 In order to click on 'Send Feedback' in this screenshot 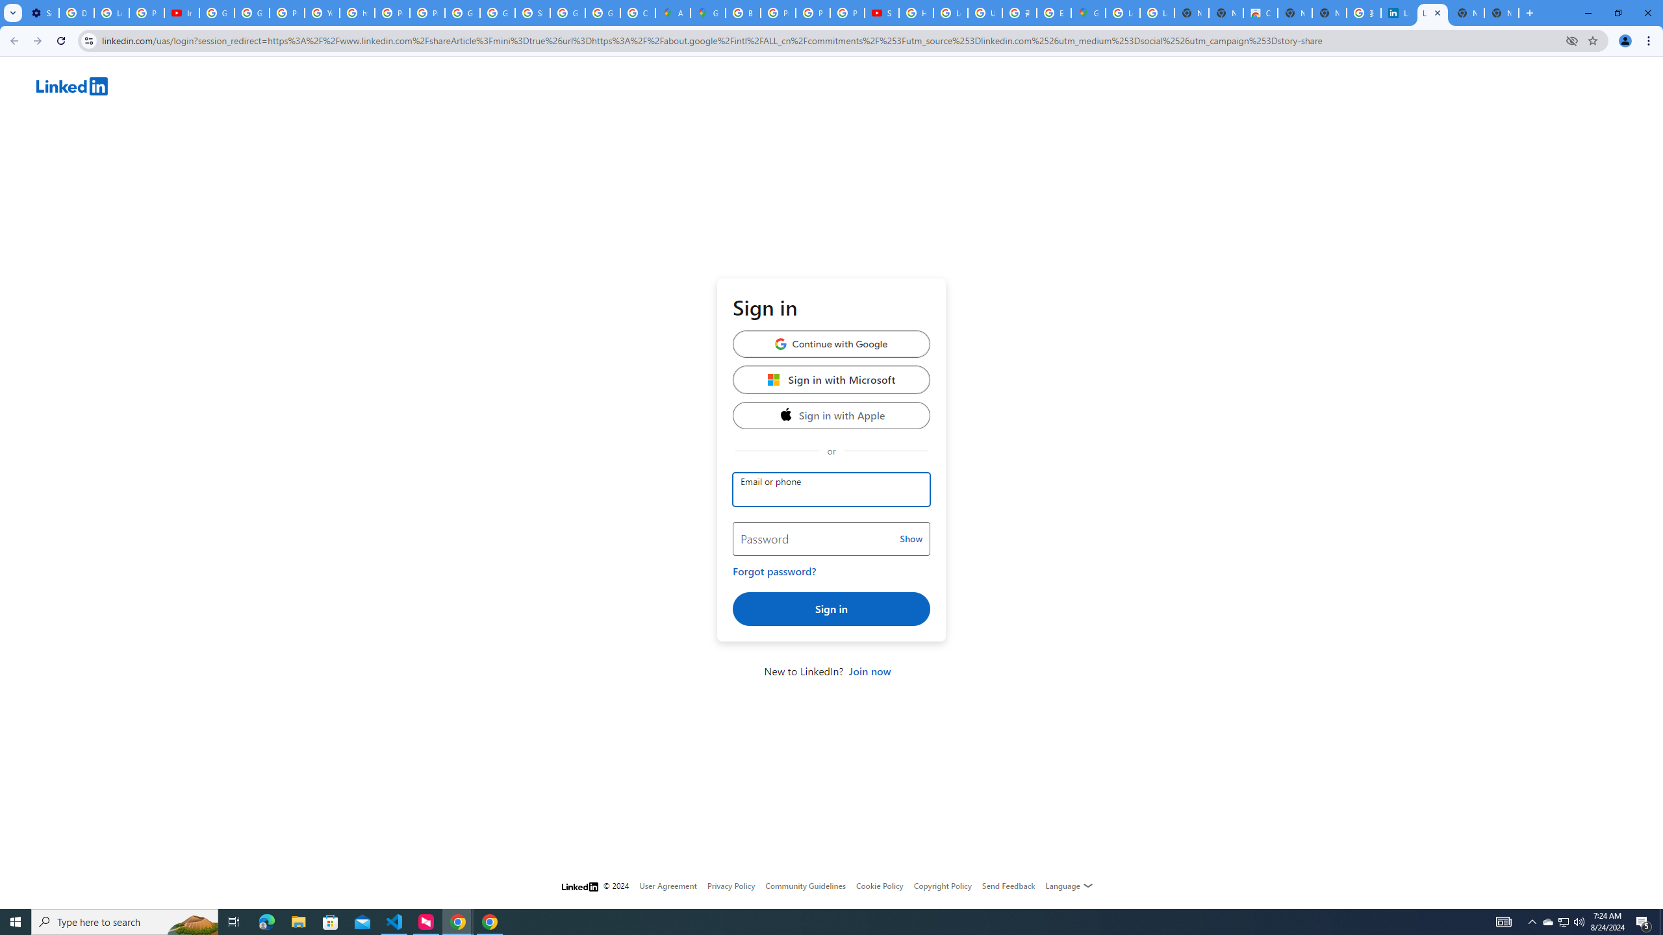, I will do `click(1008, 885)`.